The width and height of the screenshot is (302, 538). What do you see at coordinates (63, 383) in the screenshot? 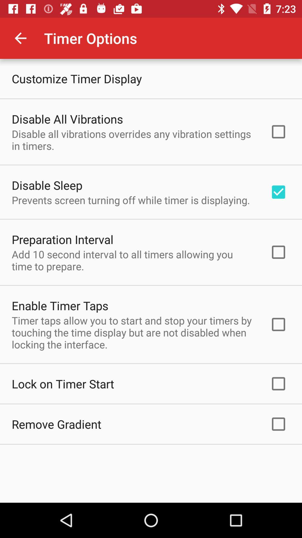
I see `lock on timer icon` at bounding box center [63, 383].